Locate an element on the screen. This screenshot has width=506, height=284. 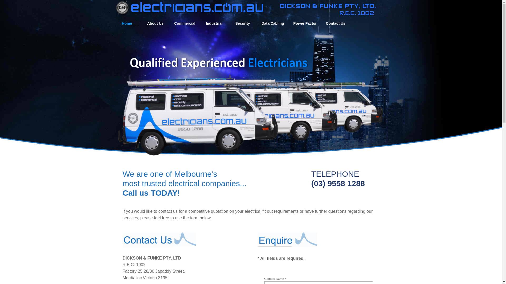
'Contact Us' is located at coordinates (335, 23).